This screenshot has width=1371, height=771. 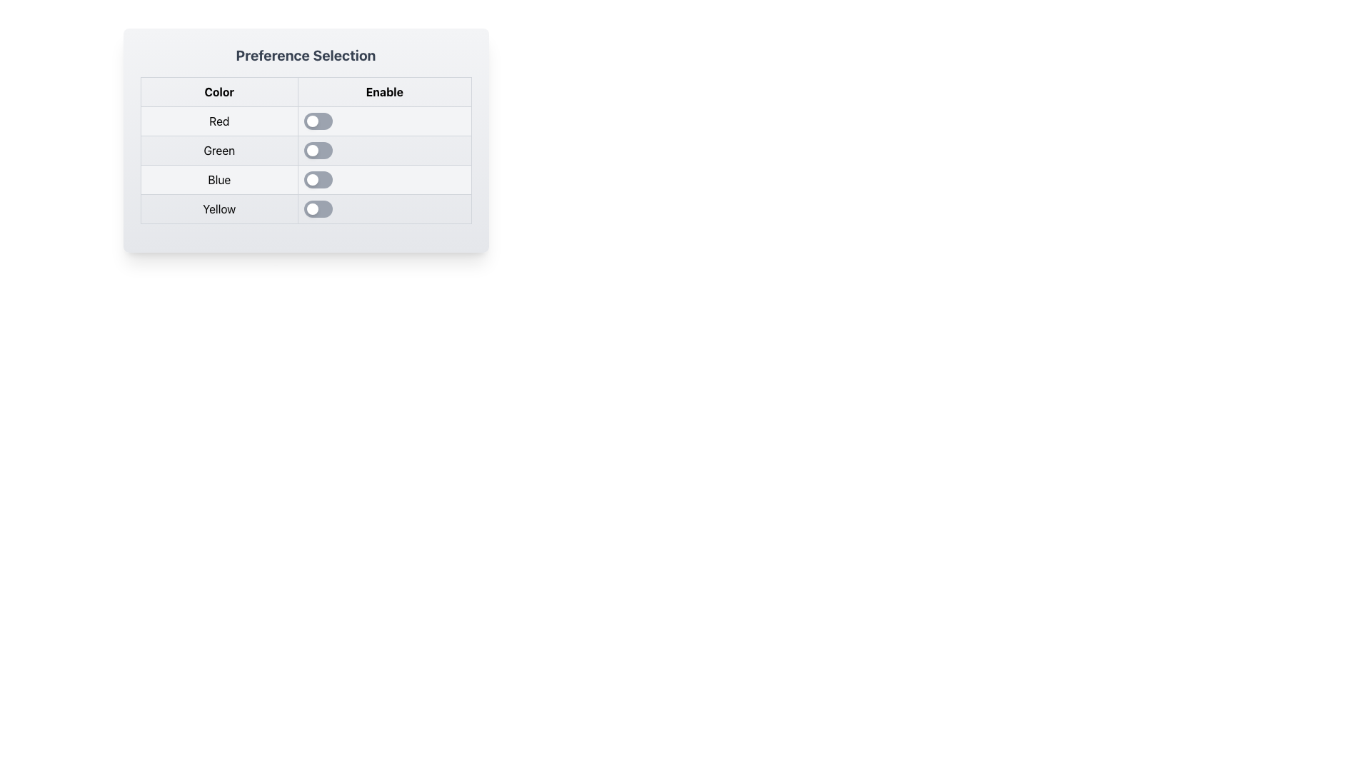 What do you see at coordinates (318, 178) in the screenshot?
I see `the white circular knob of the toggle switch located in the 'Blue' row under the 'Enable' column` at bounding box center [318, 178].